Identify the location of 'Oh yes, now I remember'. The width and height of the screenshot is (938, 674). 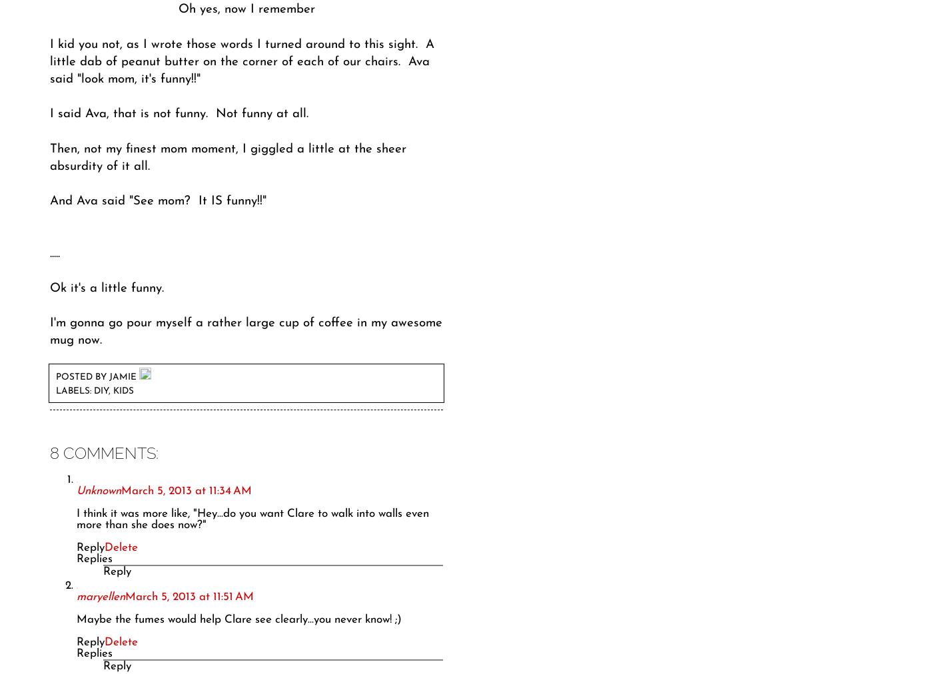
(245, 9).